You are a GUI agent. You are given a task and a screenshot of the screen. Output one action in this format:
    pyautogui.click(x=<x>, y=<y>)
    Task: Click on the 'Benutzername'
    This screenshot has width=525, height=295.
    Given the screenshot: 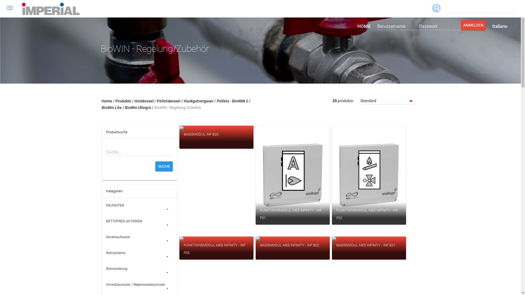 What is the action you would take?
    pyautogui.click(x=398, y=26)
    